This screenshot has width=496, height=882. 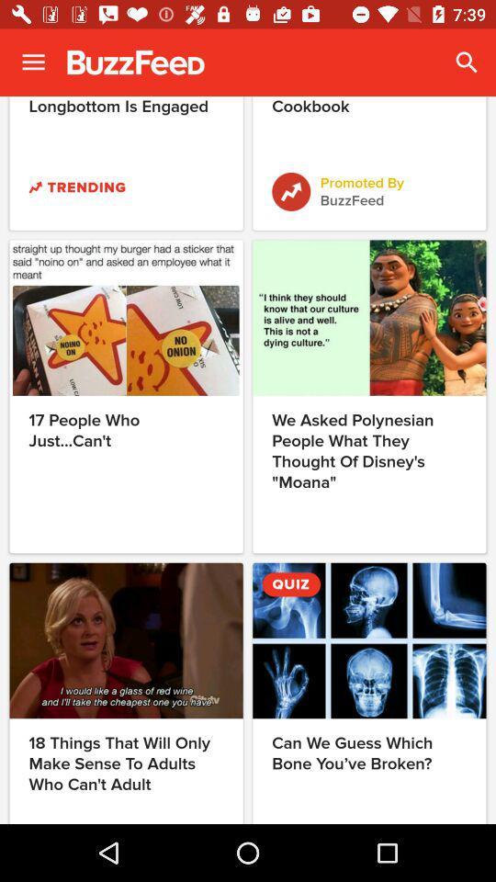 What do you see at coordinates (467, 62) in the screenshot?
I see `the icon above the oh yes a icon` at bounding box center [467, 62].